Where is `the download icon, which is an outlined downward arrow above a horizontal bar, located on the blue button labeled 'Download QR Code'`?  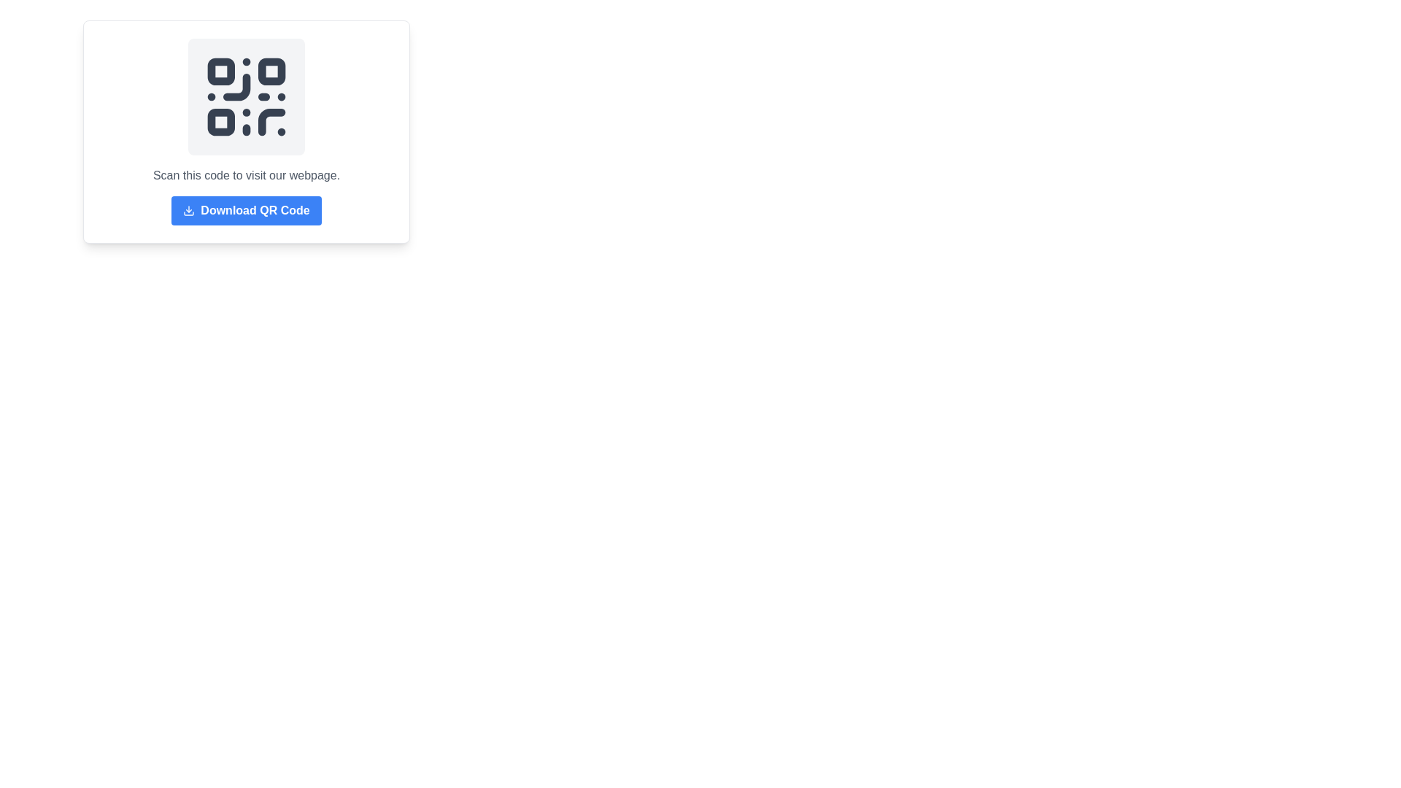 the download icon, which is an outlined downward arrow above a horizontal bar, located on the blue button labeled 'Download QR Code' is located at coordinates (188, 211).